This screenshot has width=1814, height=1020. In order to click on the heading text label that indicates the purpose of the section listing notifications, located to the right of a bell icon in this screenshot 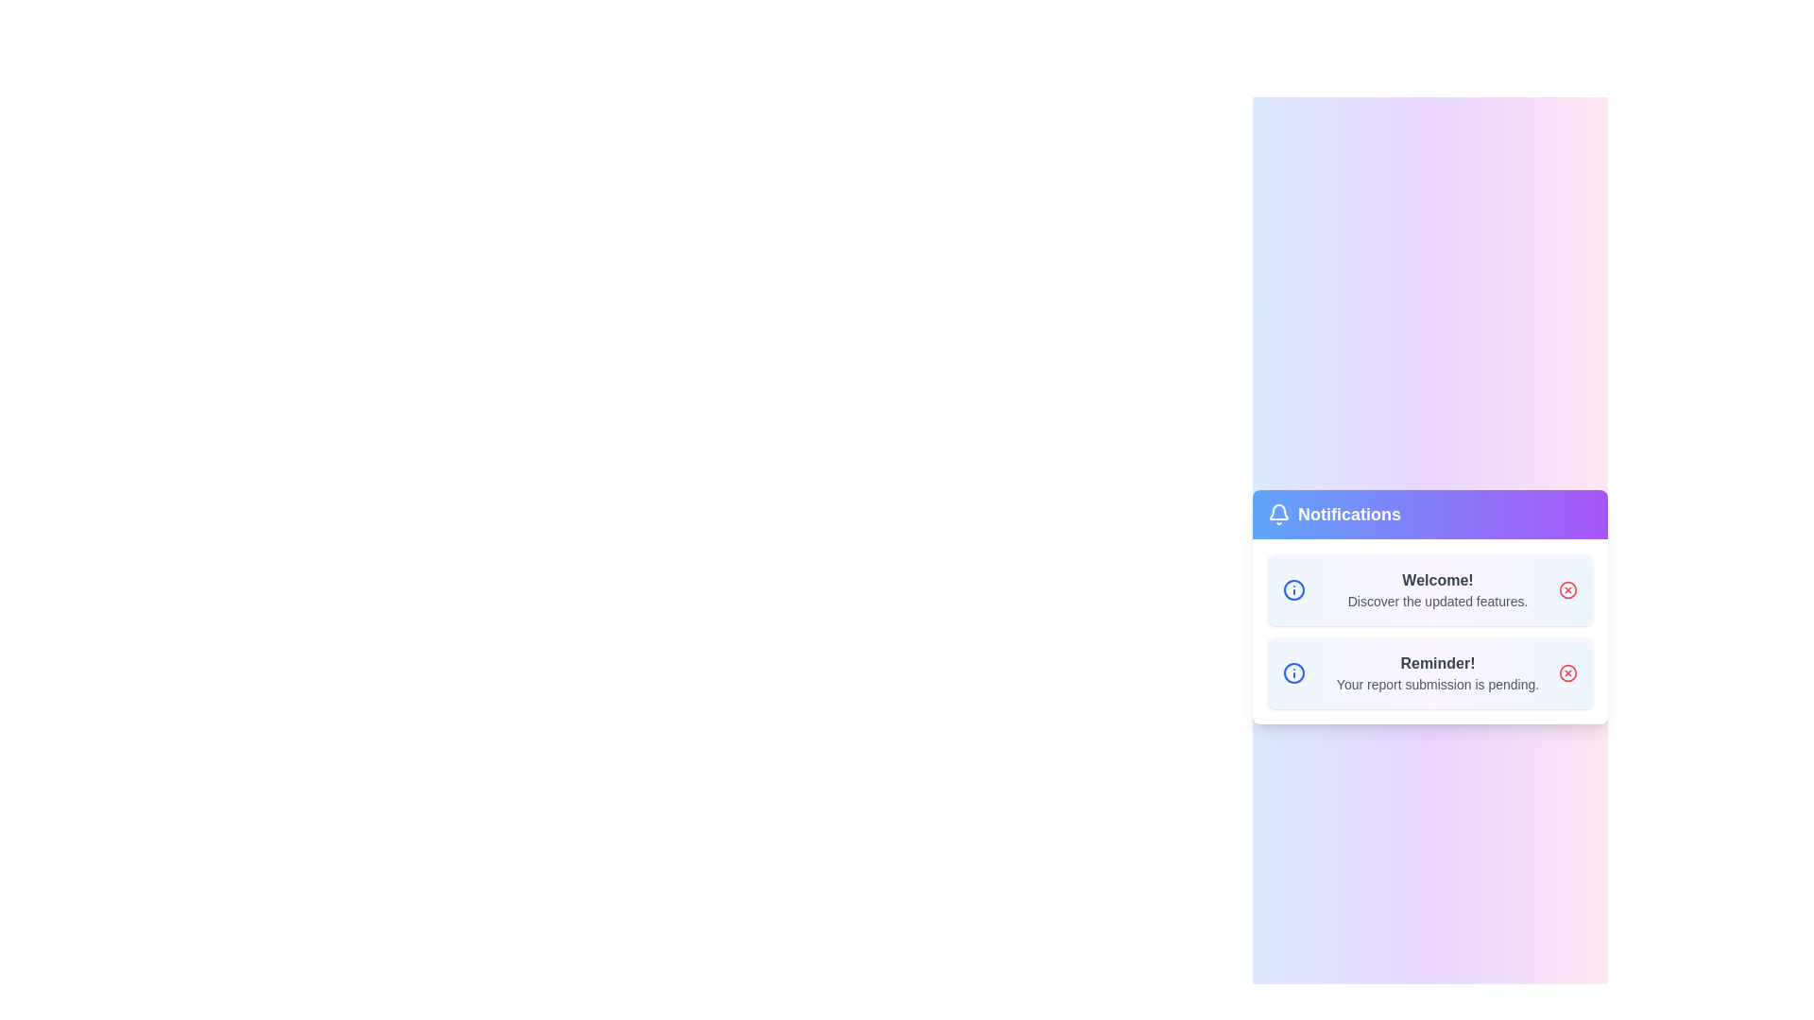, I will do `click(1348, 514)`.